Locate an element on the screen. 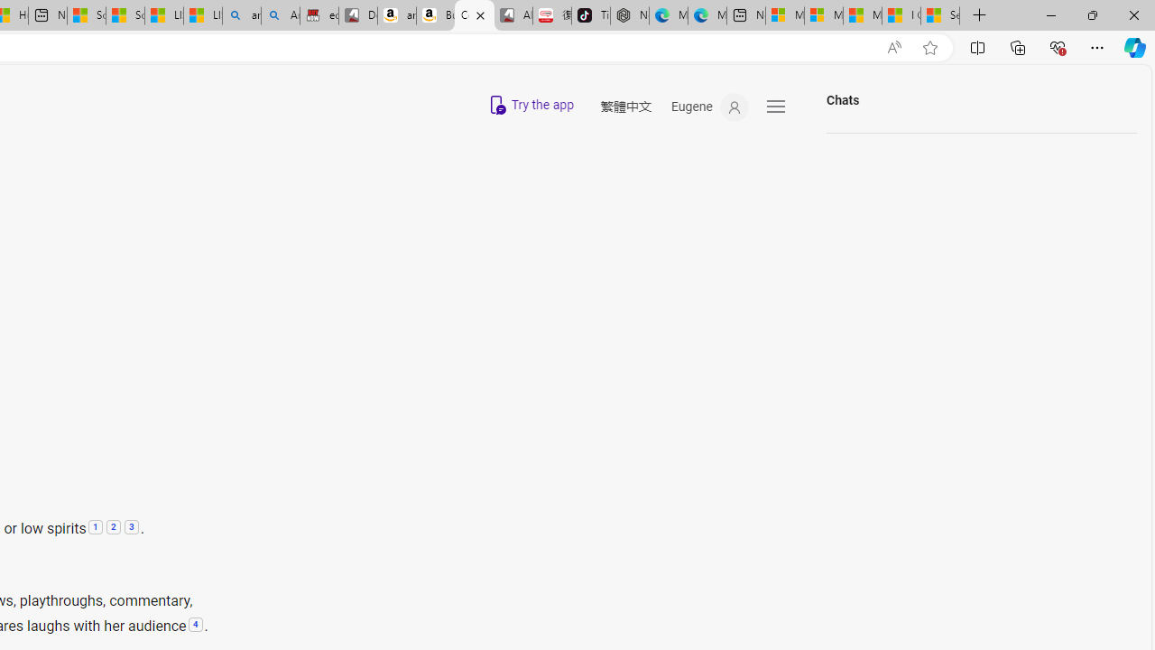  '3: Melancholy or Depression:' is located at coordinates (130, 528).